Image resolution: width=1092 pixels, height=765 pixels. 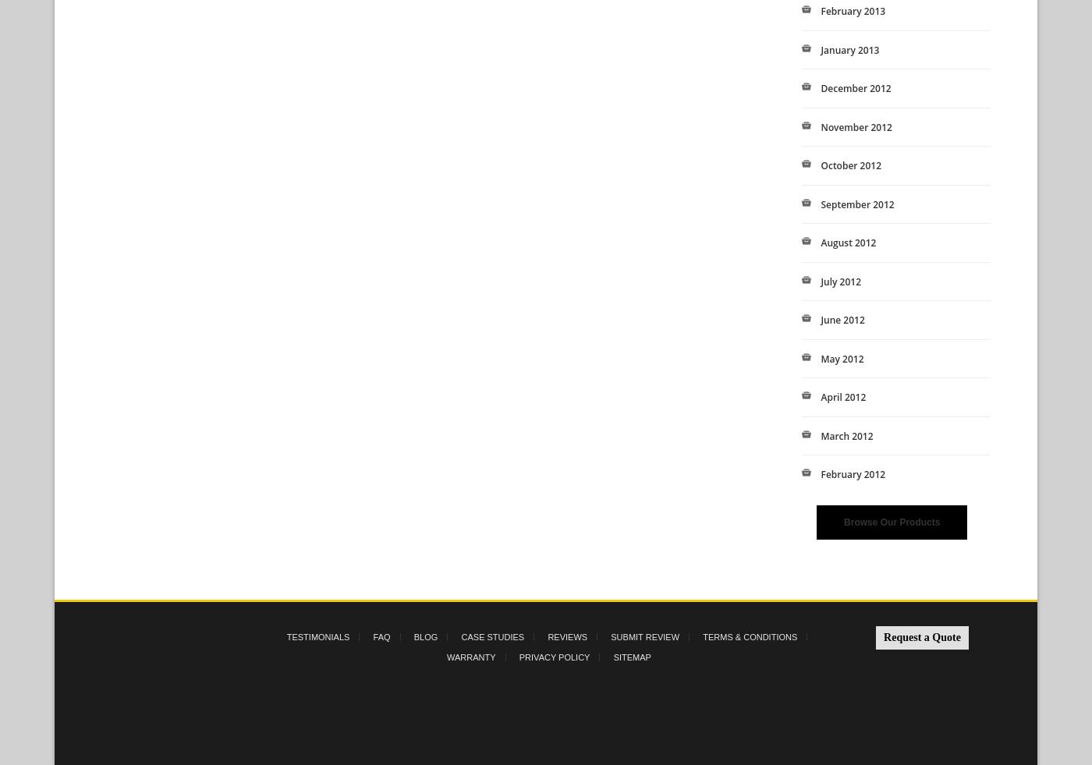 I want to click on 'September 2012', so click(x=857, y=203).